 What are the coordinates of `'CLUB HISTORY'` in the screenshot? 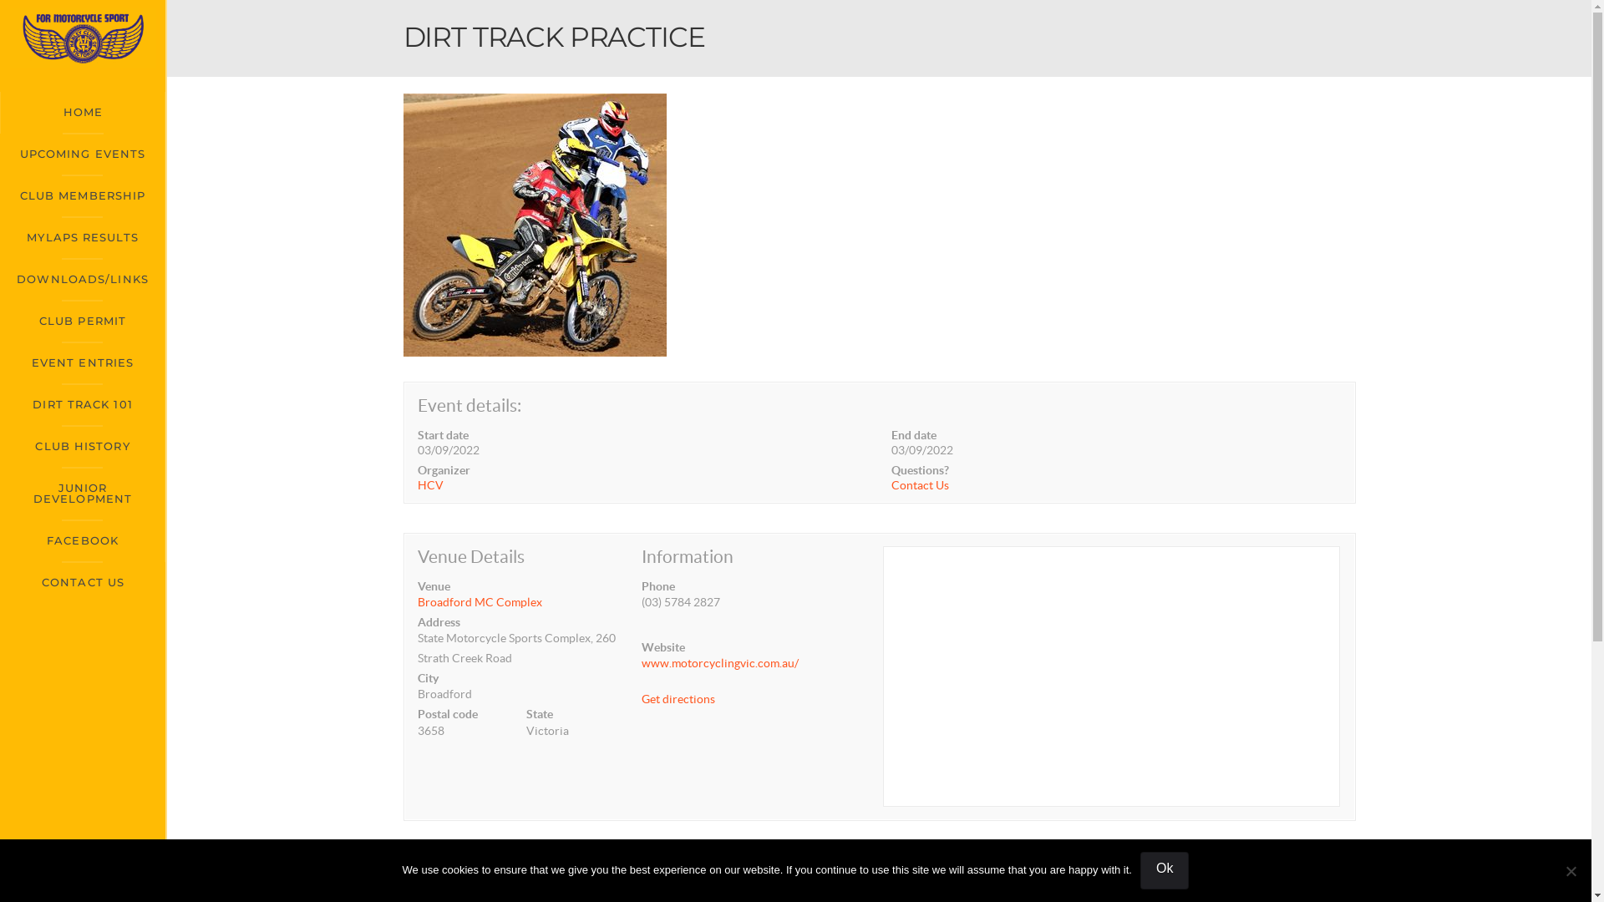 It's located at (82, 446).